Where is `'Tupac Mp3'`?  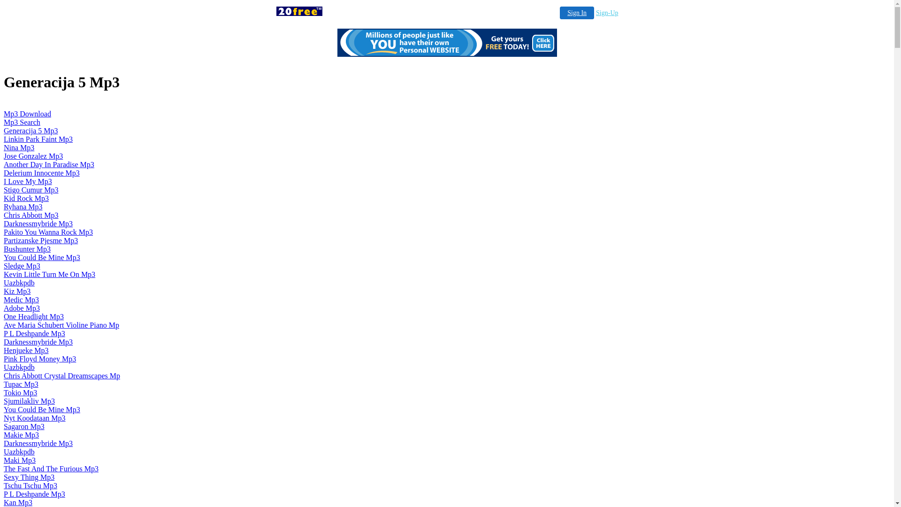
'Tupac Mp3' is located at coordinates (21, 384).